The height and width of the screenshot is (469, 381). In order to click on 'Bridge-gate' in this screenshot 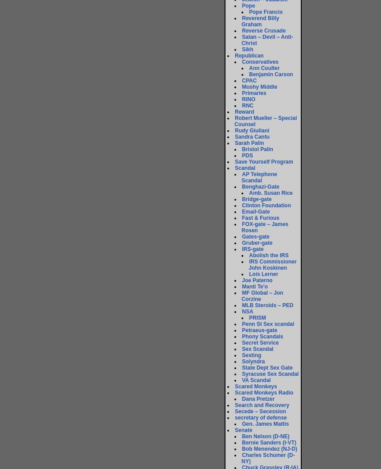, I will do `click(256, 199)`.